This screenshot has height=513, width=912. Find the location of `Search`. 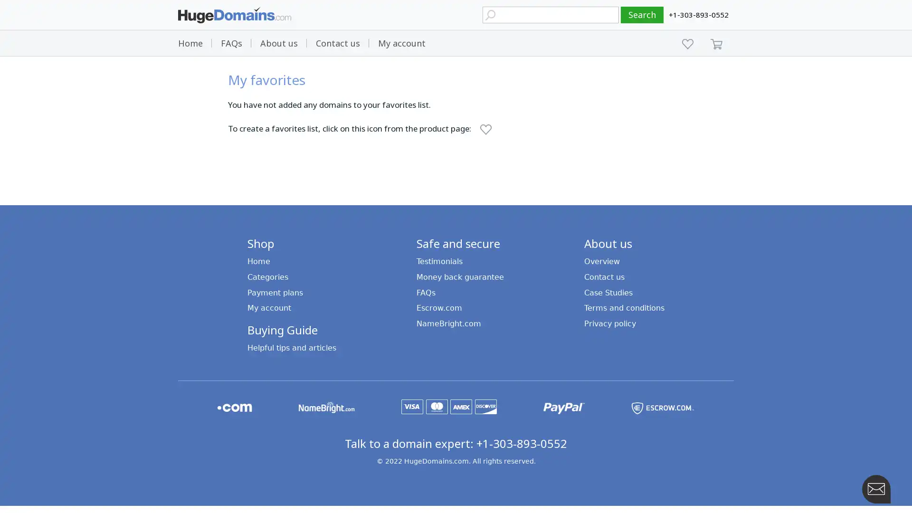

Search is located at coordinates (642, 15).